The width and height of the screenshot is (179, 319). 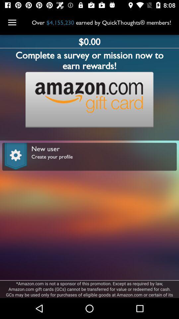 What do you see at coordinates (12, 23) in the screenshot?
I see `item next to over 4 155` at bounding box center [12, 23].